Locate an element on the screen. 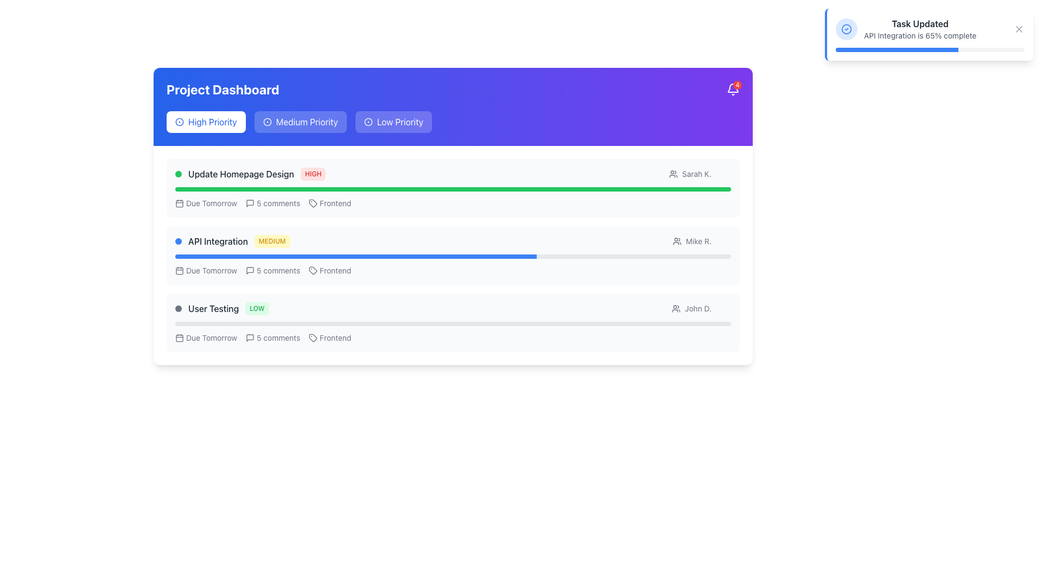  the small, circular, blue indicator dot located to the left of the 'API Integration' text within the same row as the 'MEDIUM' label is located at coordinates (179, 240).